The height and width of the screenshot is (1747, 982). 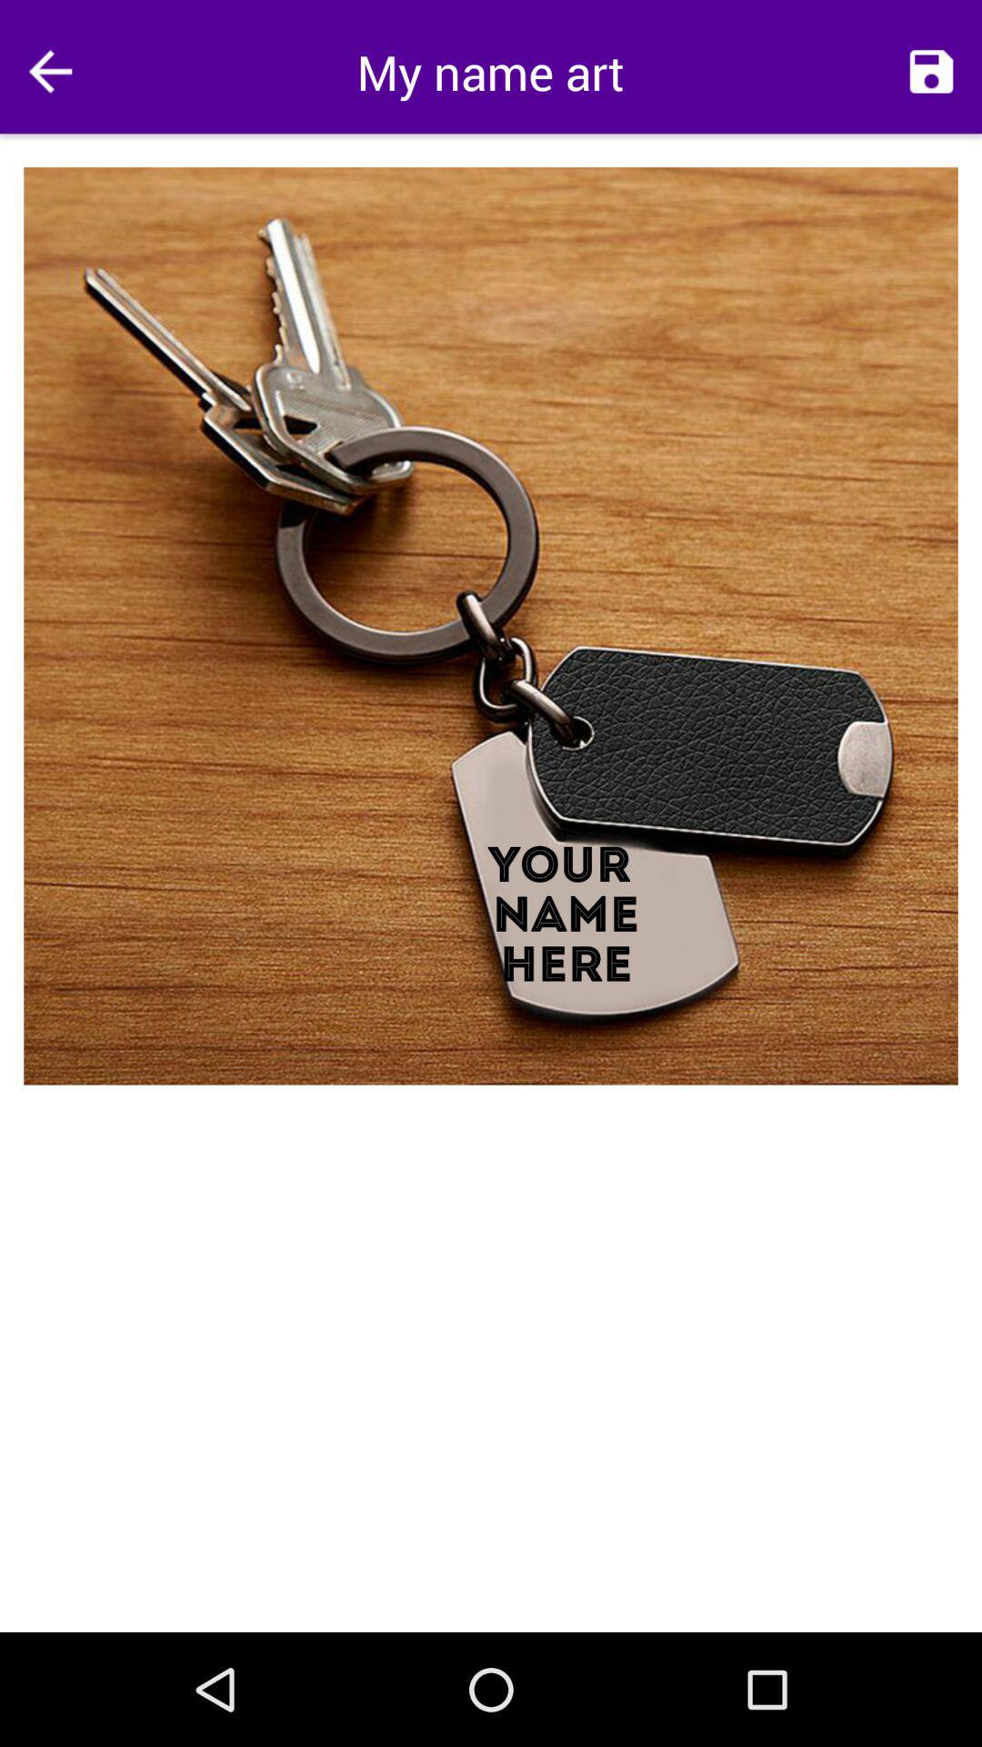 I want to click on app next to my name art app, so click(x=49, y=71).